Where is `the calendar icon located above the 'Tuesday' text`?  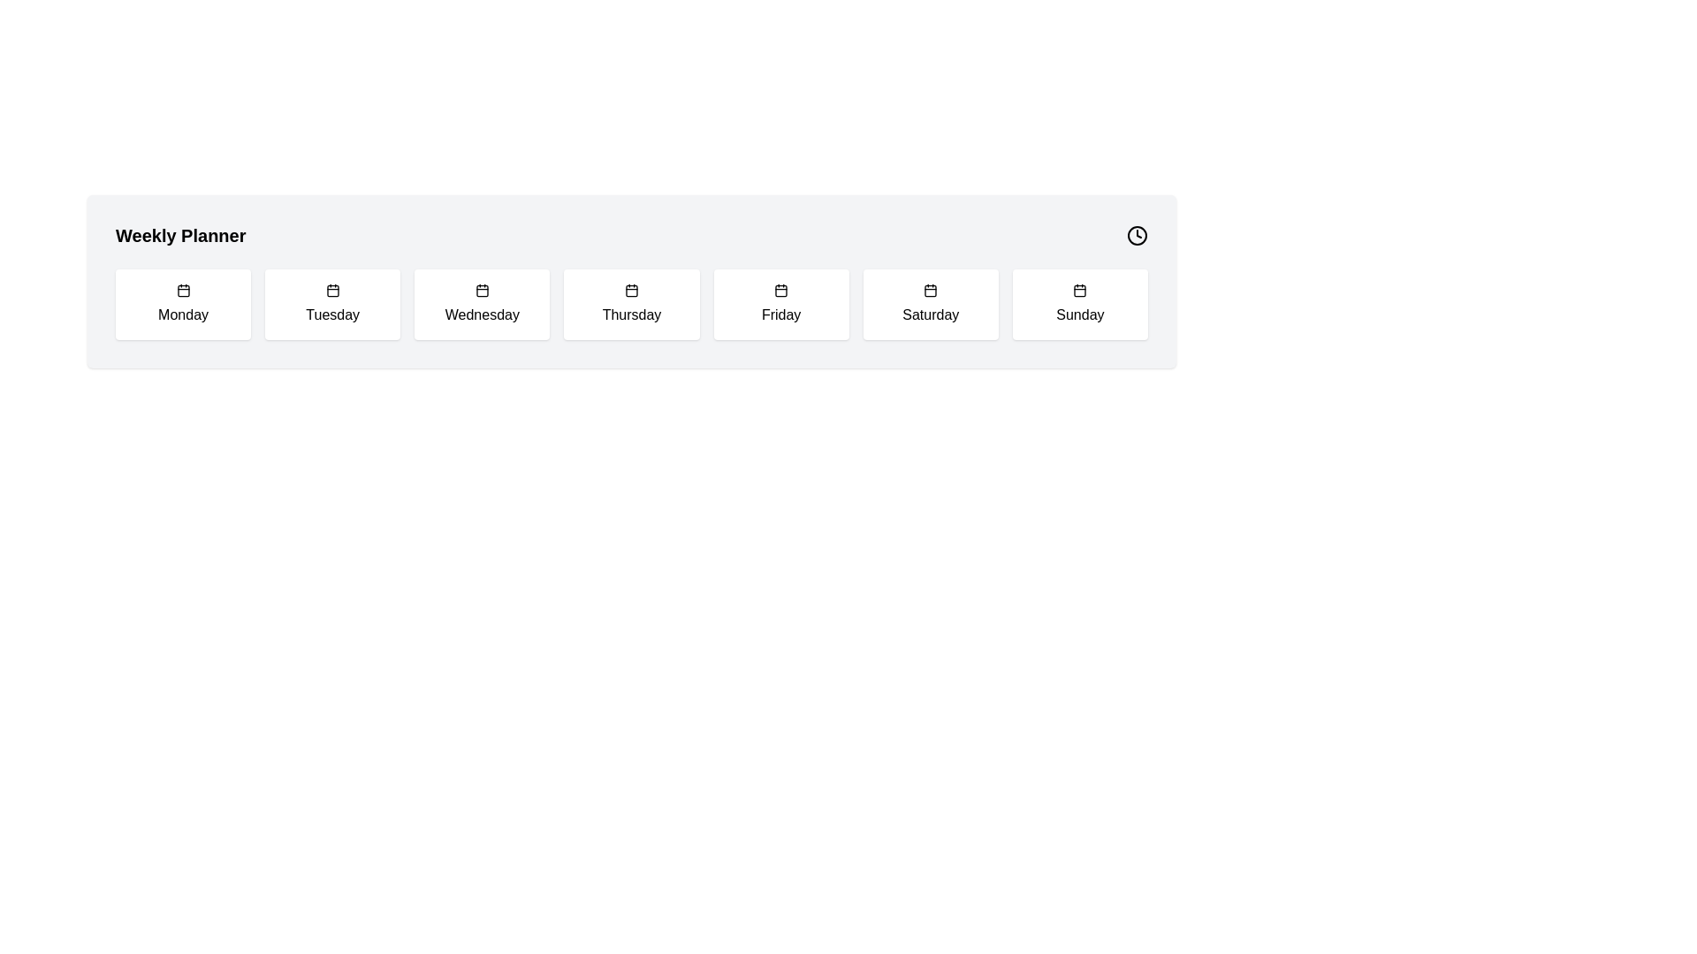 the calendar icon located above the 'Tuesday' text is located at coordinates (332, 289).